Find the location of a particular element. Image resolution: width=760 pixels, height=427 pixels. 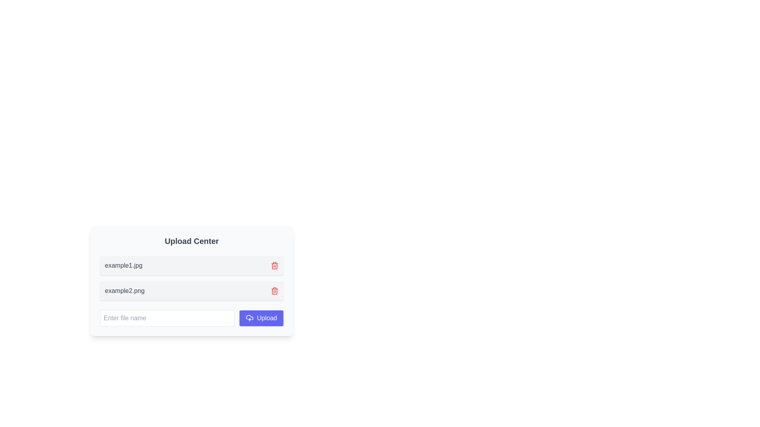

the file entry UI component for 'example2.png' located in the 'Upload Center' is located at coordinates (192, 285).